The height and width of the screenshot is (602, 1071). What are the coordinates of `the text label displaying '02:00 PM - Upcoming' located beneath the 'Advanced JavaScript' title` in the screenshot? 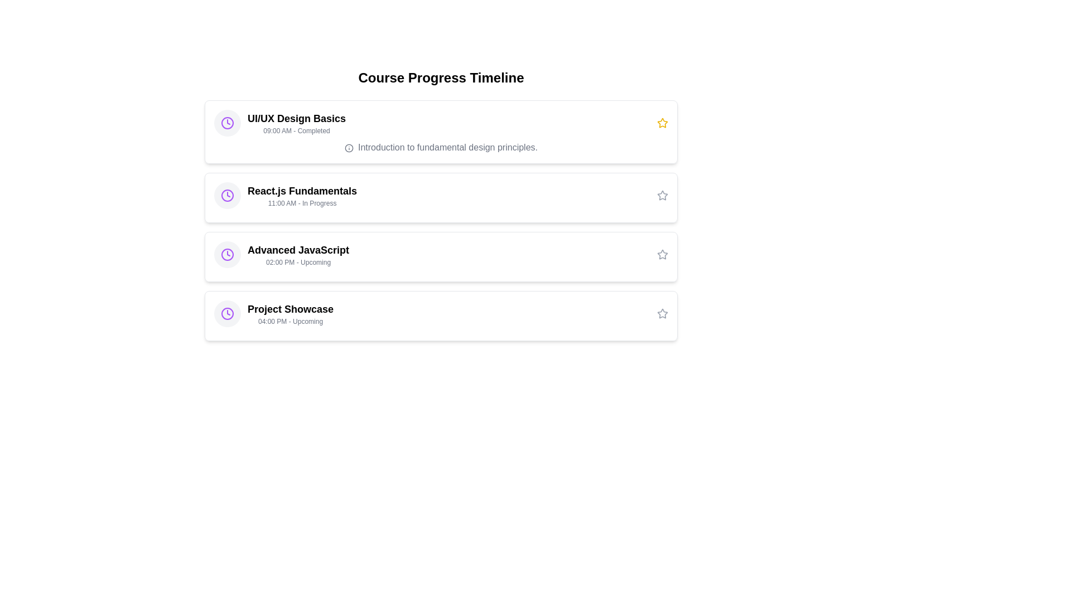 It's located at (298, 262).